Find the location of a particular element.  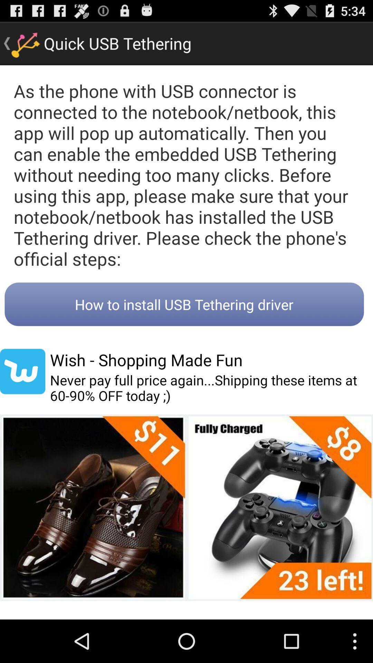

icon below how to install item is located at coordinates (22, 371).